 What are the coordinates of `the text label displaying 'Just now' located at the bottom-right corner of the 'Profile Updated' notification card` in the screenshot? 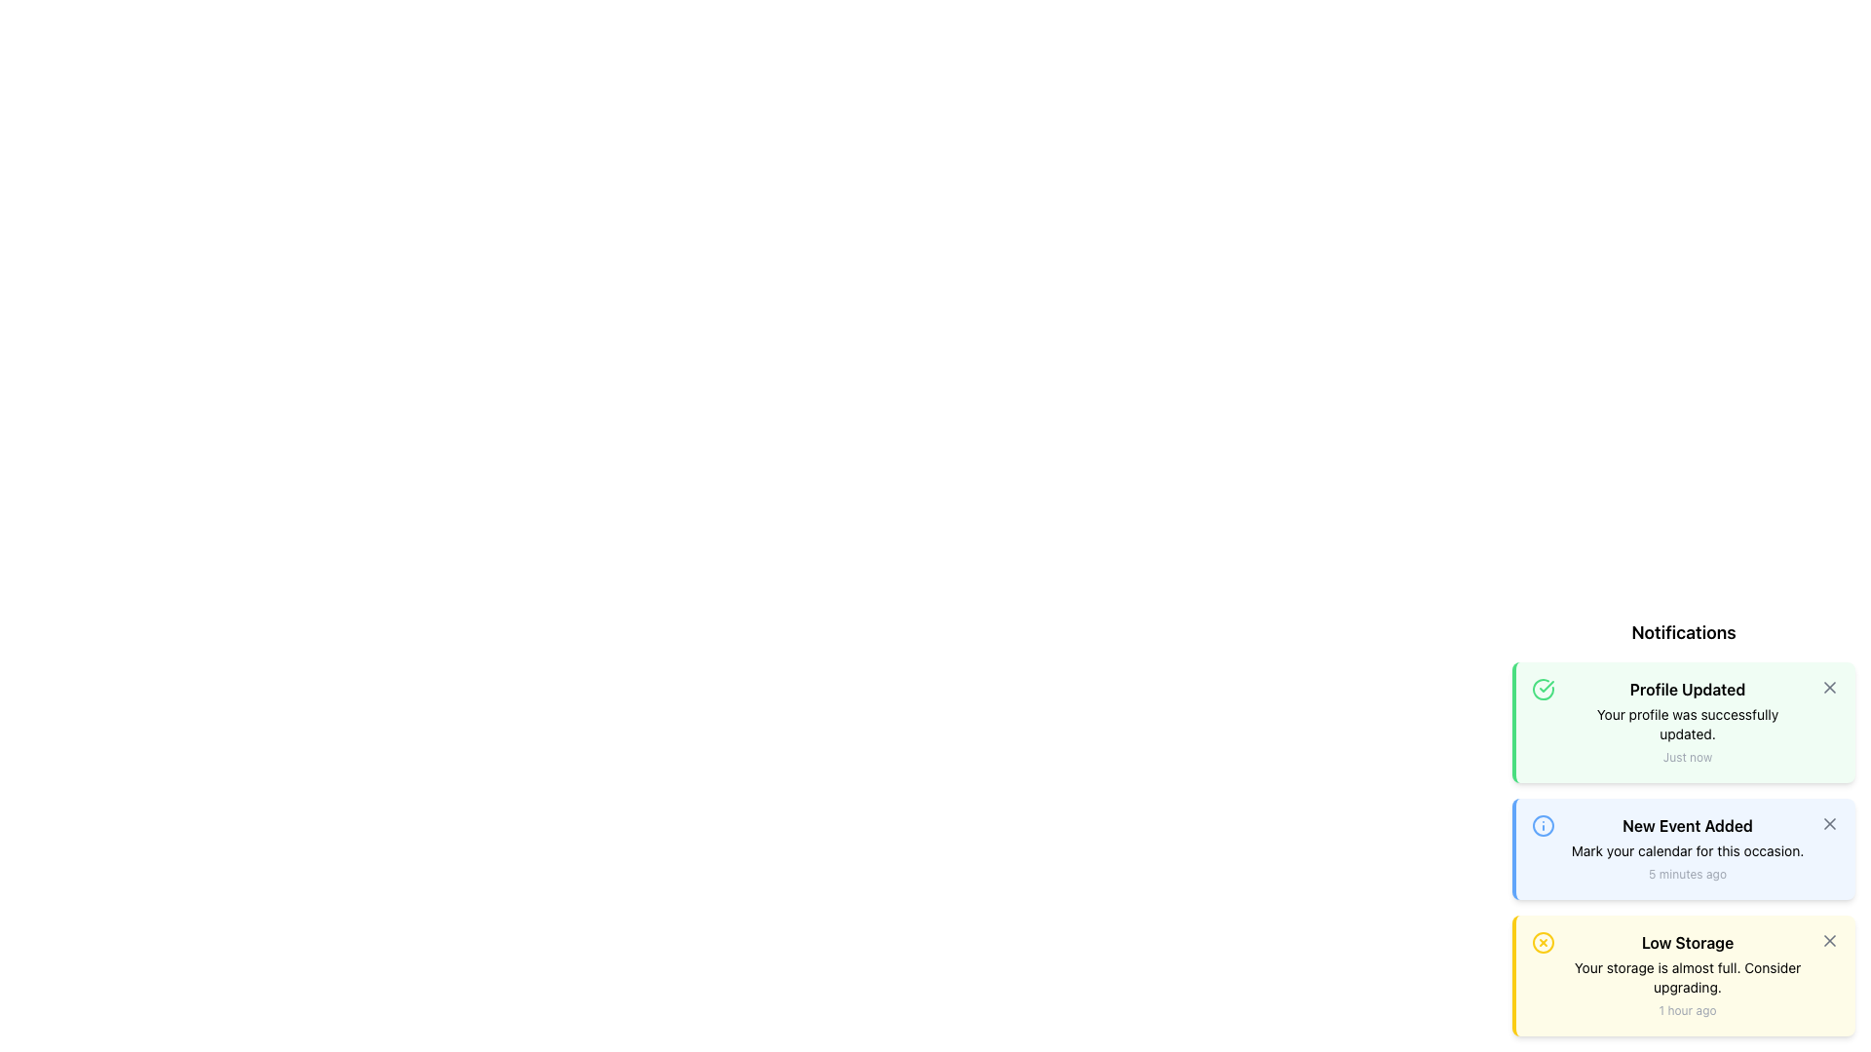 It's located at (1687, 756).